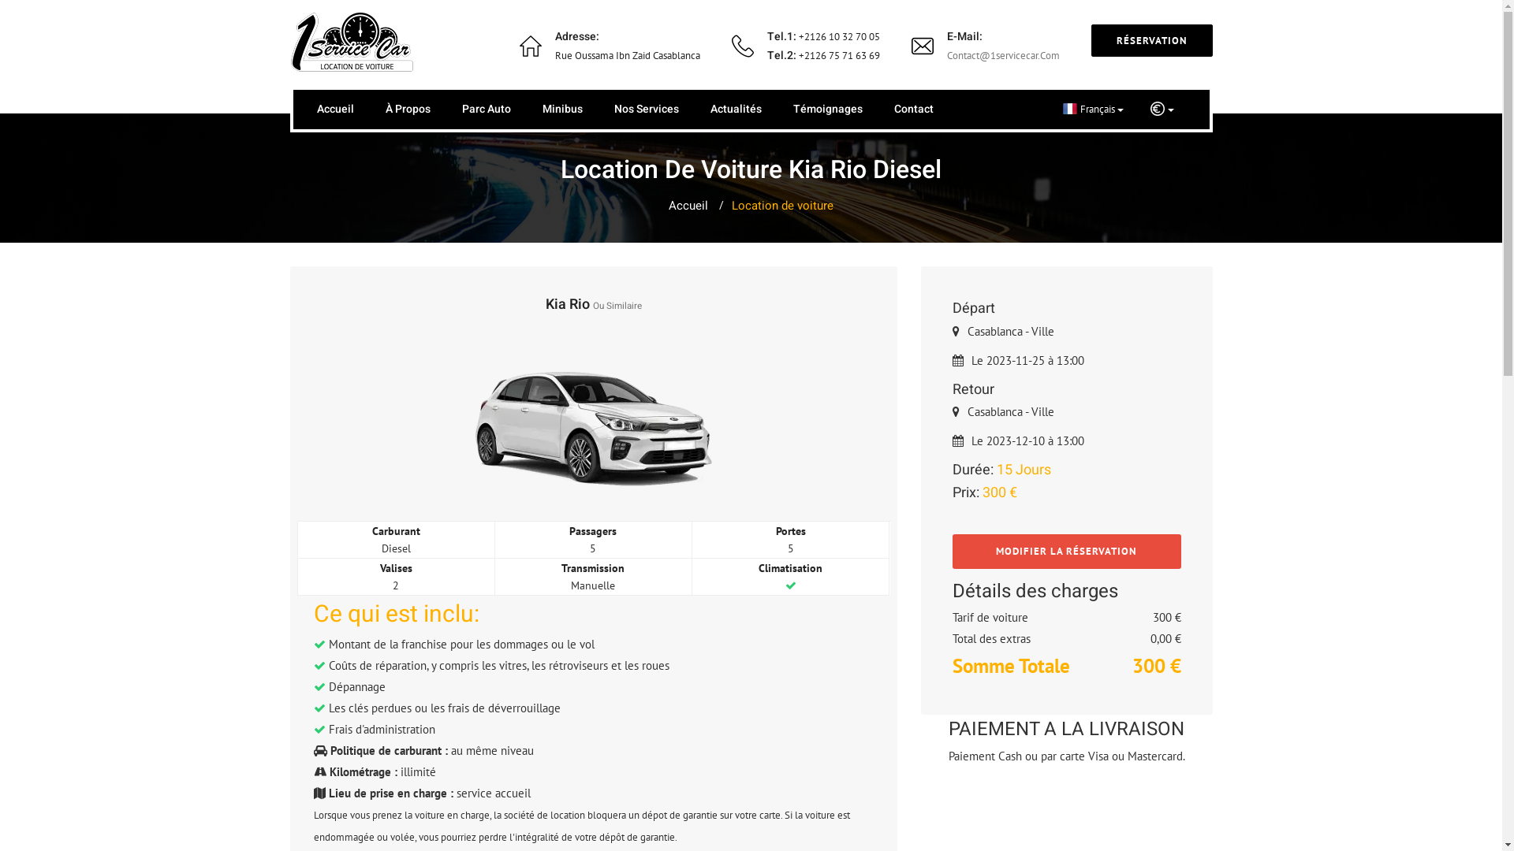 The width and height of the screenshot is (1514, 851). I want to click on 'Contact@1servicecar.Com', so click(946, 54).